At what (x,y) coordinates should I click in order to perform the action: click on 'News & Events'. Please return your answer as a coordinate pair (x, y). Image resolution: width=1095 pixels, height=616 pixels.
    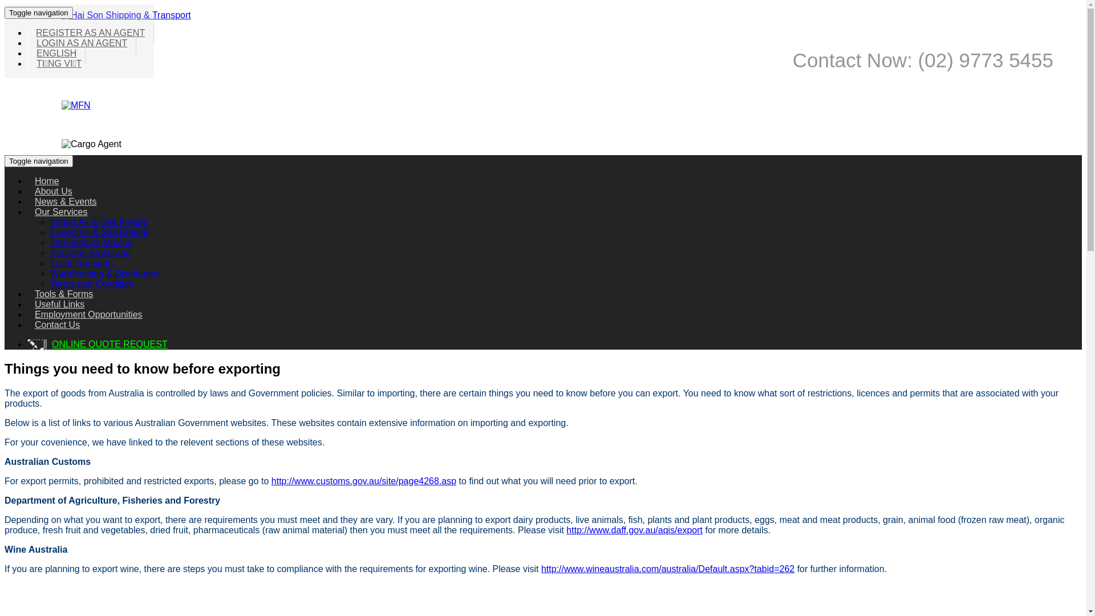
    Looking at the image, I should click on (27, 201).